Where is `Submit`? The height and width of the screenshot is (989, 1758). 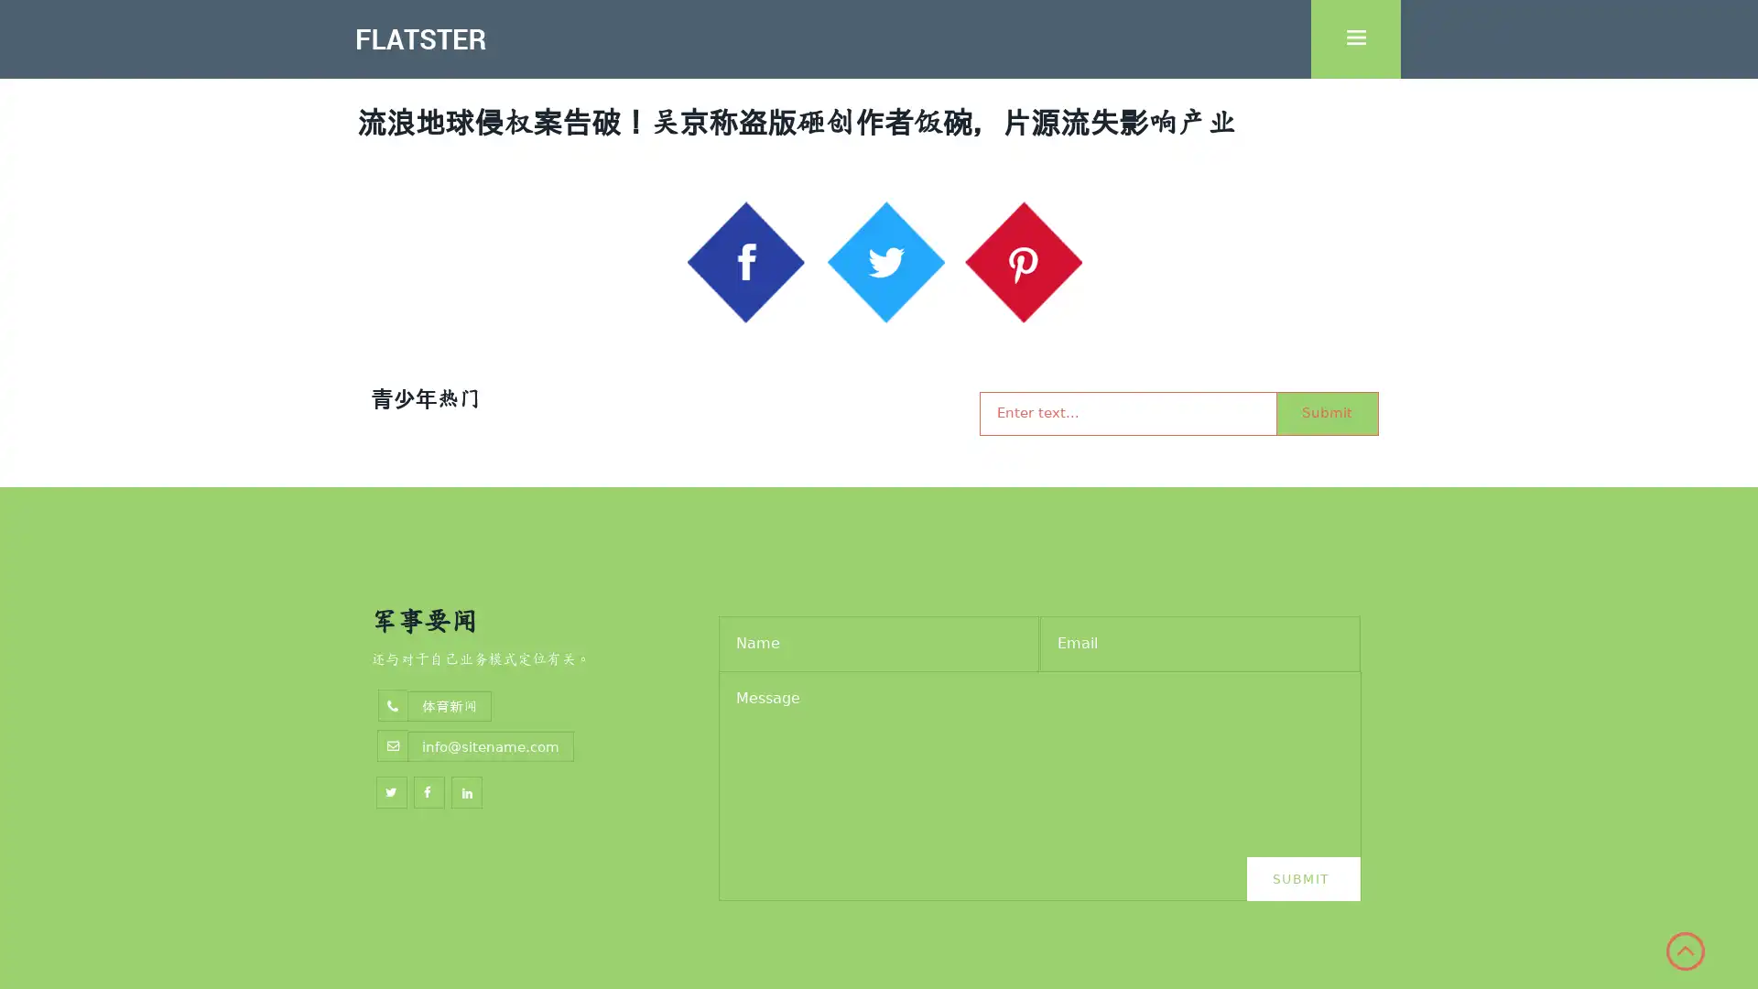 Submit is located at coordinates (1319, 413).